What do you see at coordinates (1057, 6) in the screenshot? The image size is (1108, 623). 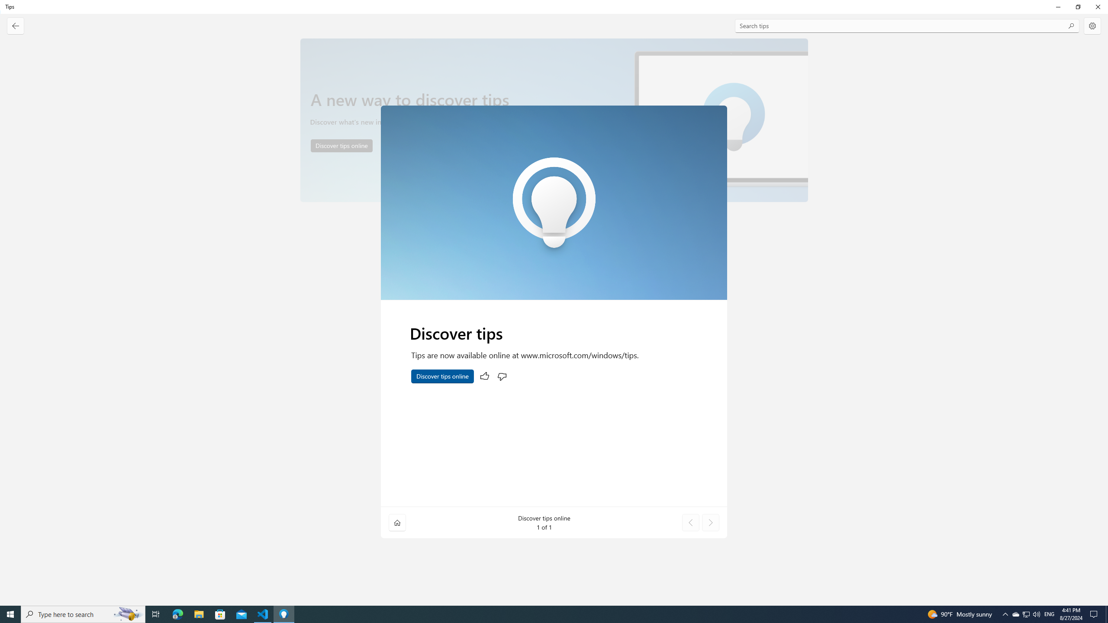 I see `'Minimize Tips'` at bounding box center [1057, 6].